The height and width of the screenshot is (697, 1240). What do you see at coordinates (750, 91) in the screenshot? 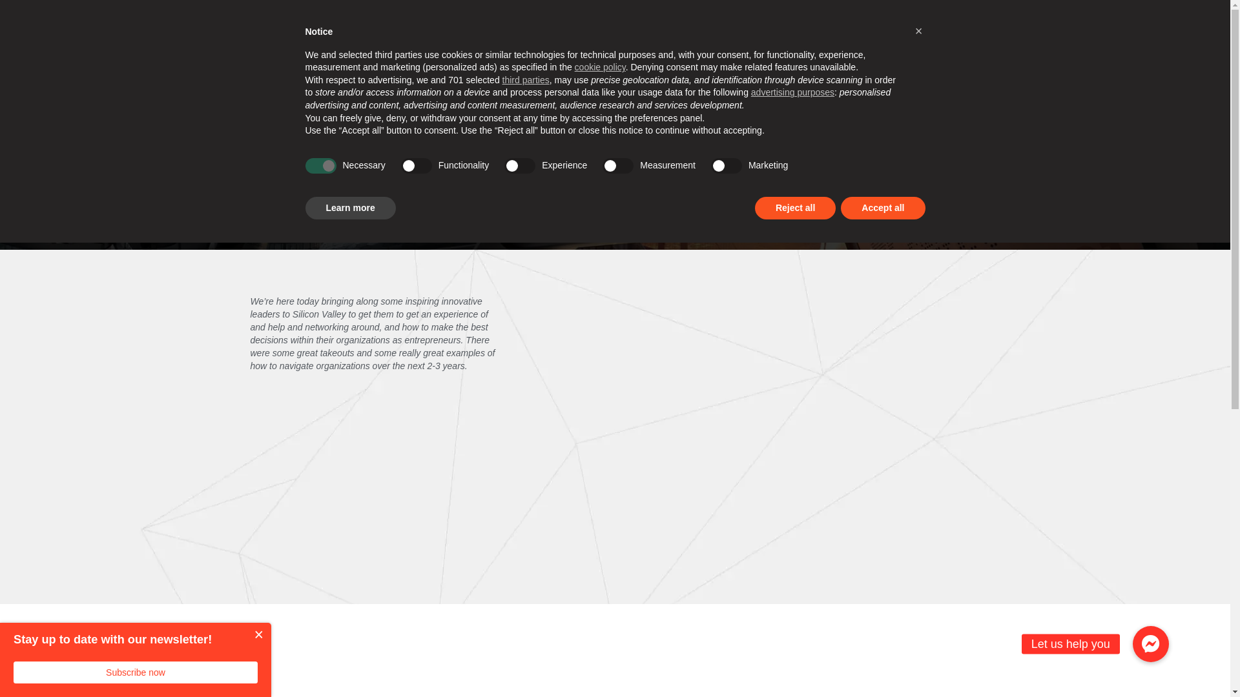
I see `'advertising purposes'` at bounding box center [750, 91].